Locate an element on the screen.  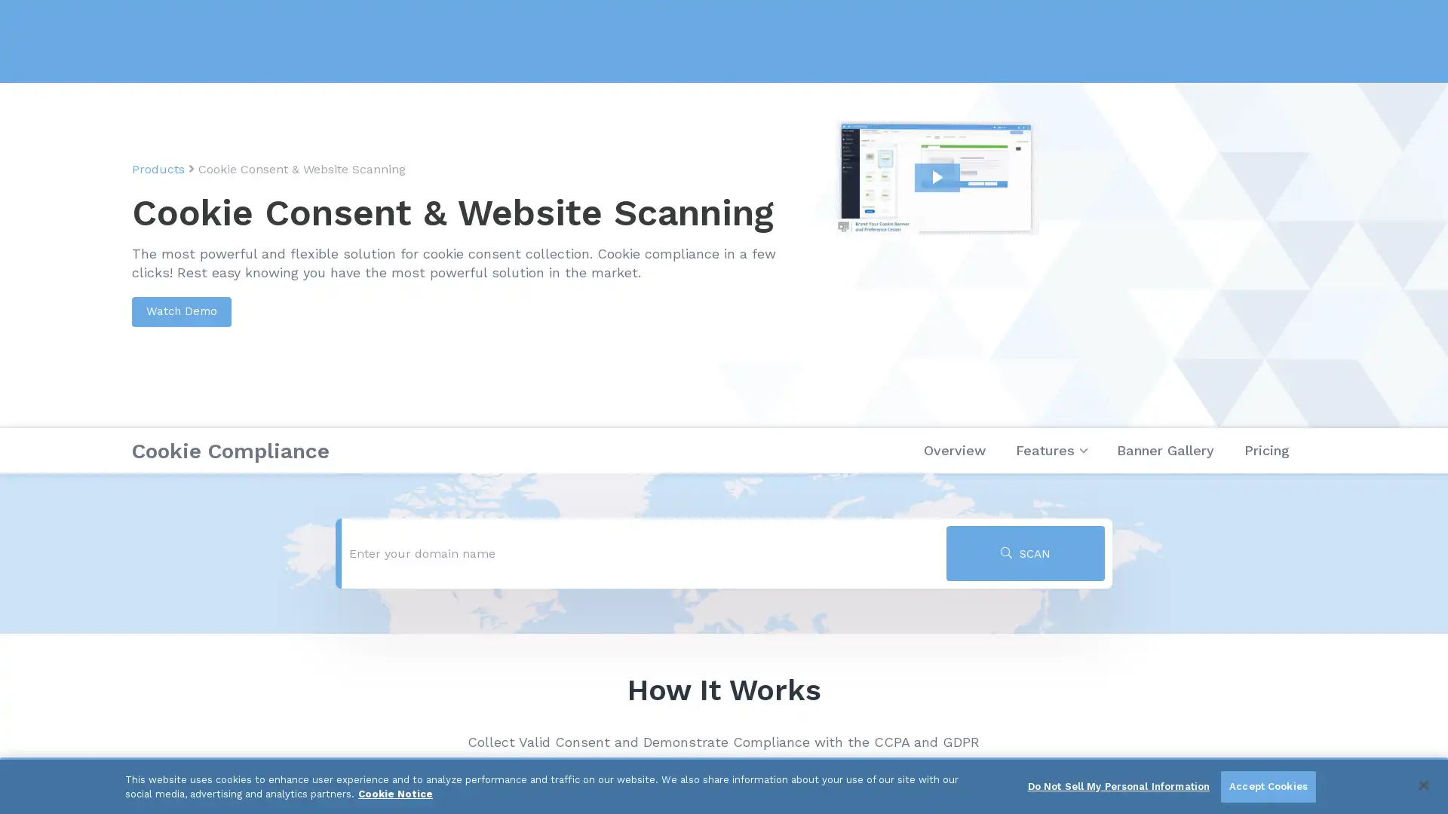
Play is located at coordinates (1075, 255).